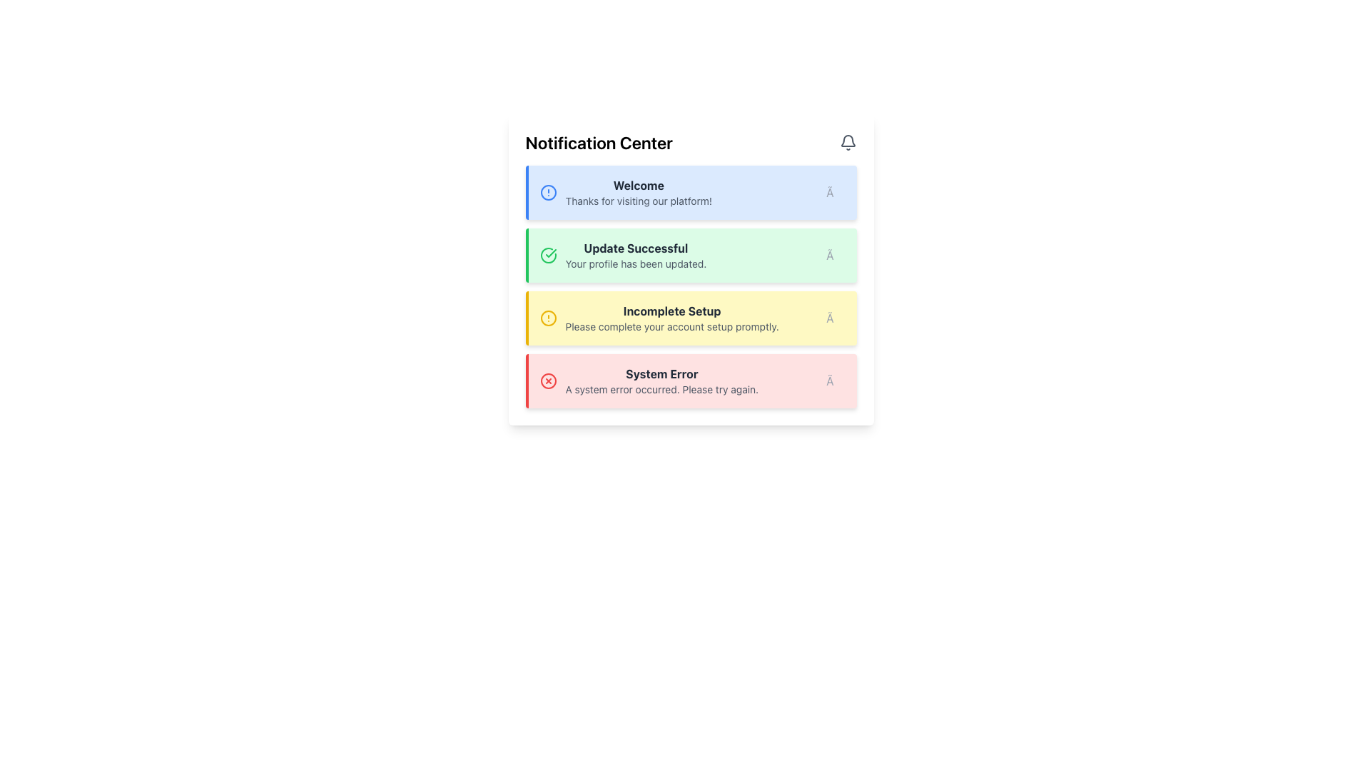  What do you see at coordinates (836, 193) in the screenshot?
I see `the close button located at the right edge of the notification box that starts with 'Welcome' and contains the message 'Thanks for visiting our platform!'` at bounding box center [836, 193].